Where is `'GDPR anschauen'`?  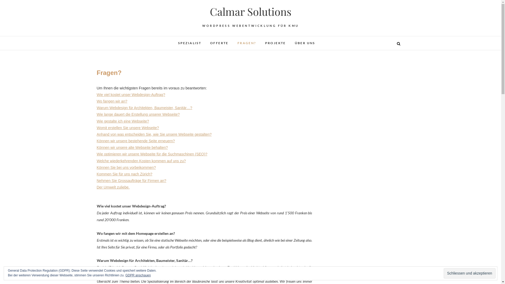 'GDPR anschauen' is located at coordinates (125, 275).